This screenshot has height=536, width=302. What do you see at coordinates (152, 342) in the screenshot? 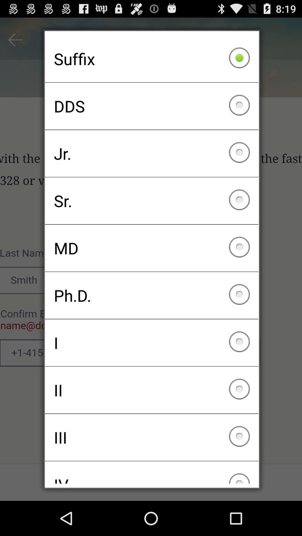
I see `i` at bounding box center [152, 342].